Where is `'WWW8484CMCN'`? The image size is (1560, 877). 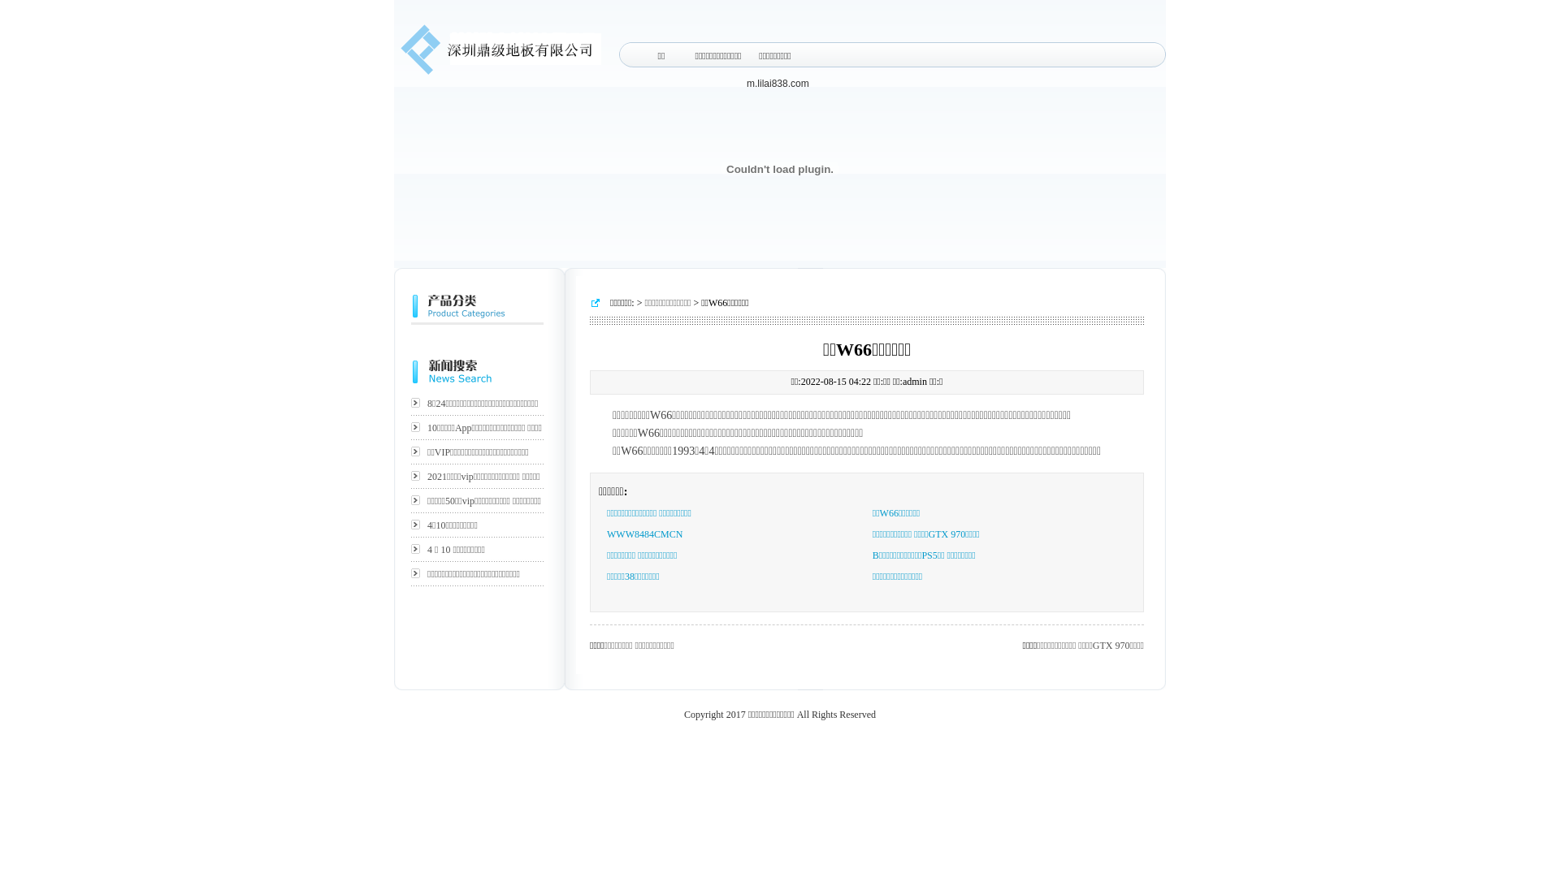
'WWW8484CMCN' is located at coordinates (643, 534).